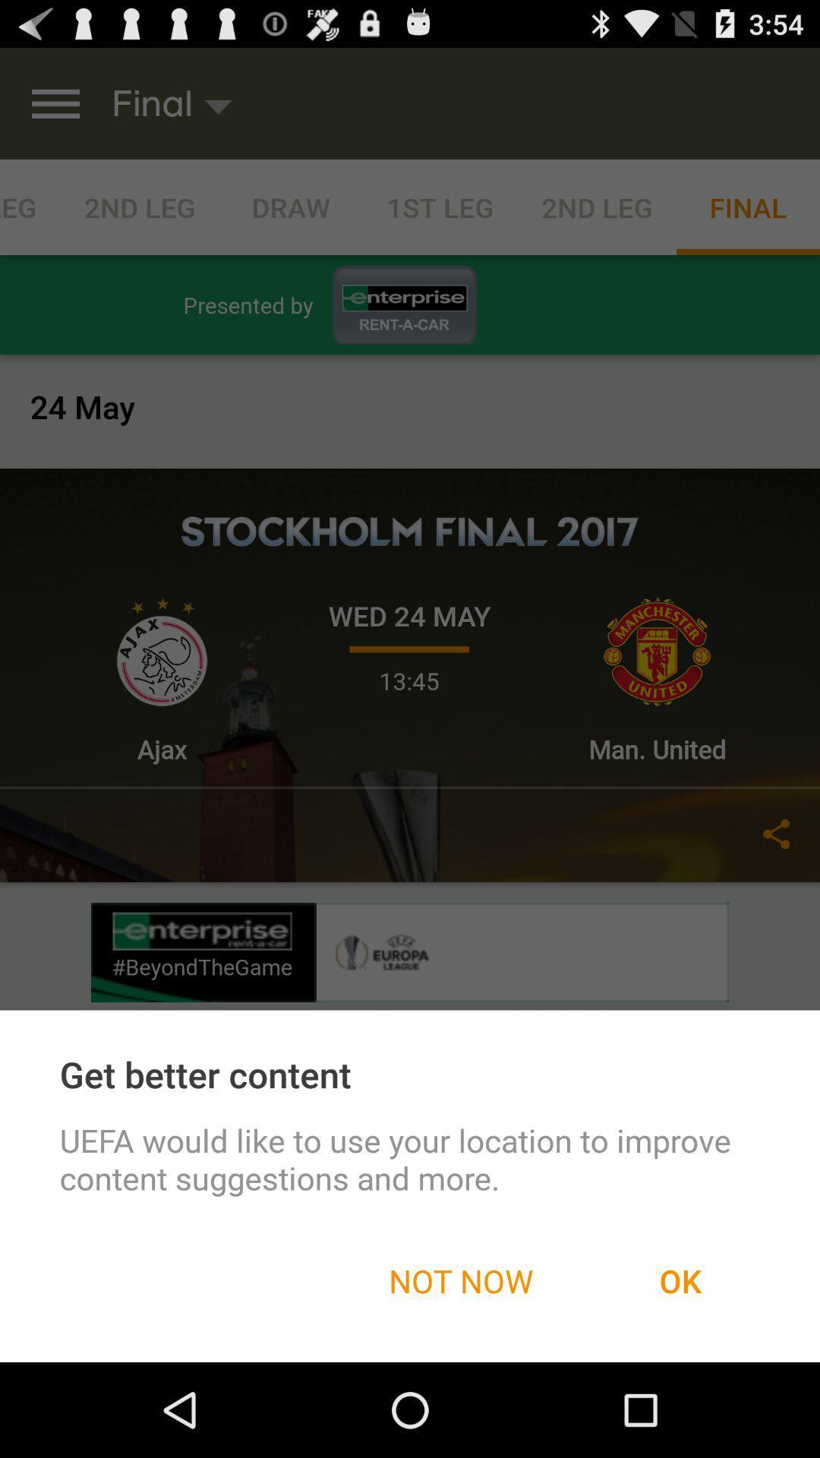 The image size is (820, 1458). Describe the element at coordinates (680, 1280) in the screenshot. I see `the ok at the bottom right corner` at that location.